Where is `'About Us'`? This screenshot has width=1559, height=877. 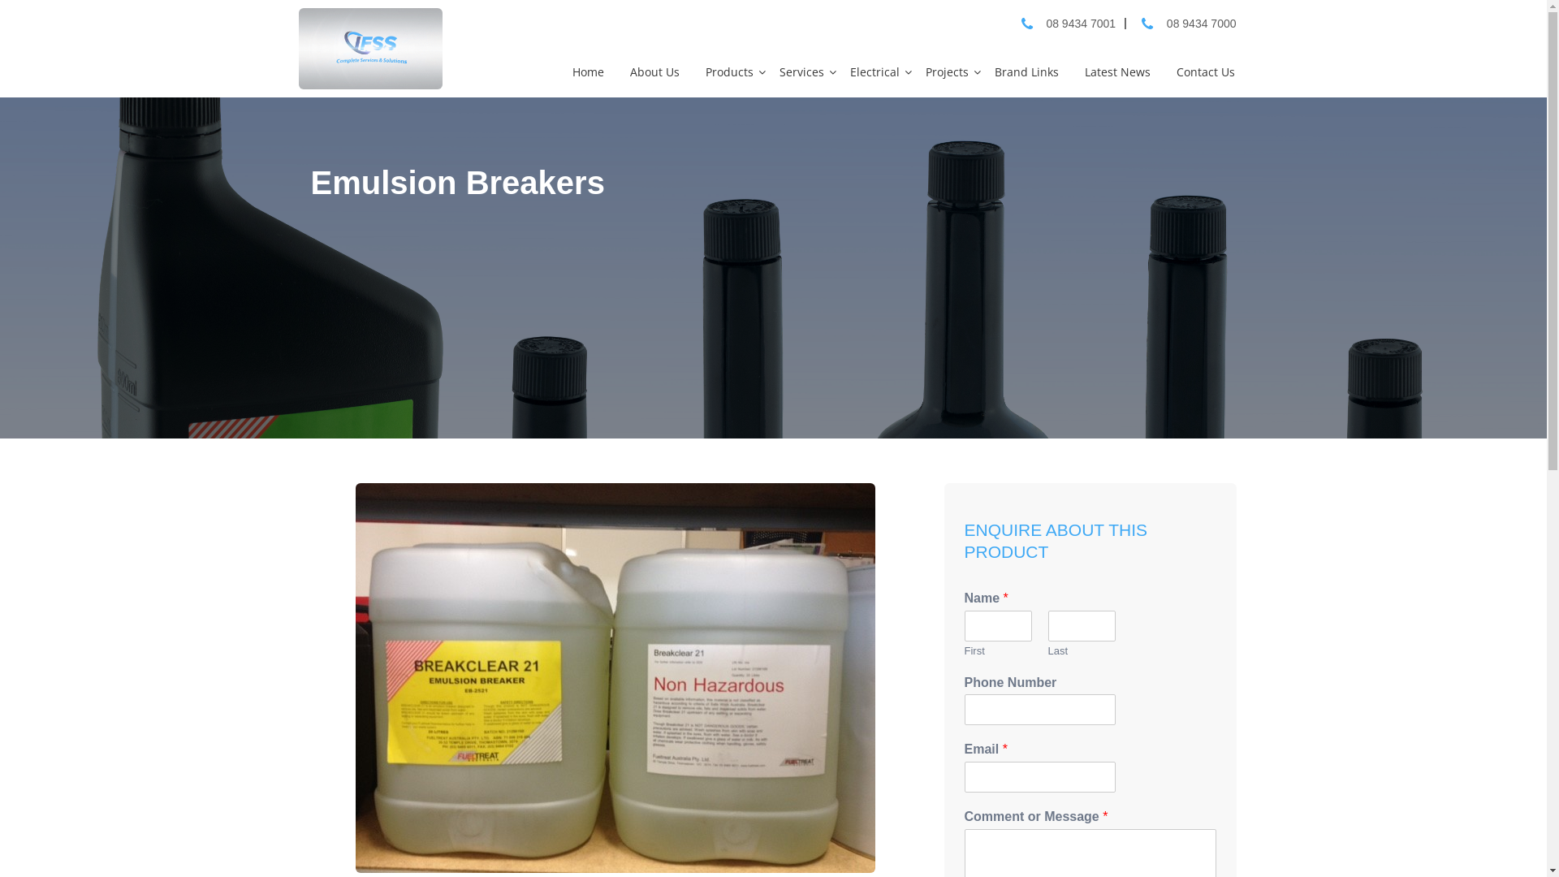
'About Us' is located at coordinates (654, 71).